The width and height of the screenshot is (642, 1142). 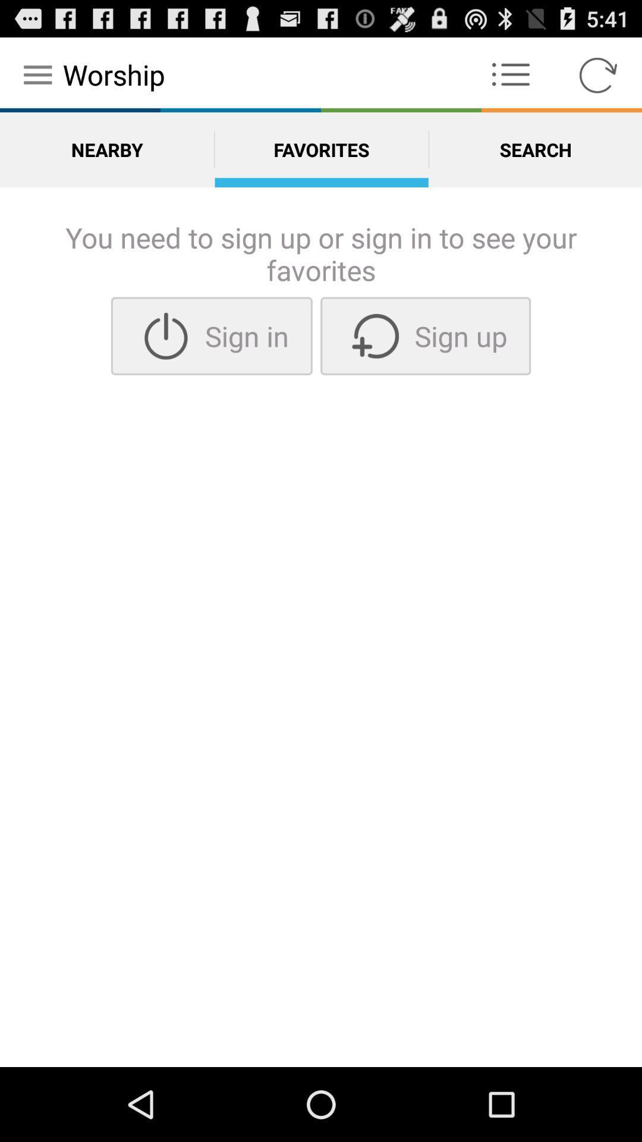 What do you see at coordinates (37, 74) in the screenshot?
I see `the menu icon which is to the left side of the worship` at bounding box center [37, 74].